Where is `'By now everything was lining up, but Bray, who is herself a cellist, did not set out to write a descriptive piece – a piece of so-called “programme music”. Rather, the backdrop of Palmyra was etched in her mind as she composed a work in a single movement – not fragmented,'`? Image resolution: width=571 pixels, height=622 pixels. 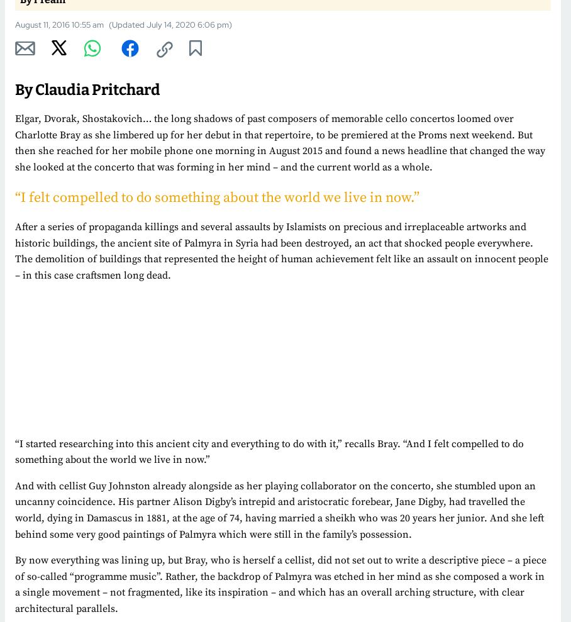
'By now everything was lining up, but Bray, who is herself a cellist, did not set out to write a descriptive piece – a piece of so-called “programme music”. Rather, the backdrop of Palmyra was etched in her mind as she composed a work in a single movement – not fragmented,' is located at coordinates (280, 575).